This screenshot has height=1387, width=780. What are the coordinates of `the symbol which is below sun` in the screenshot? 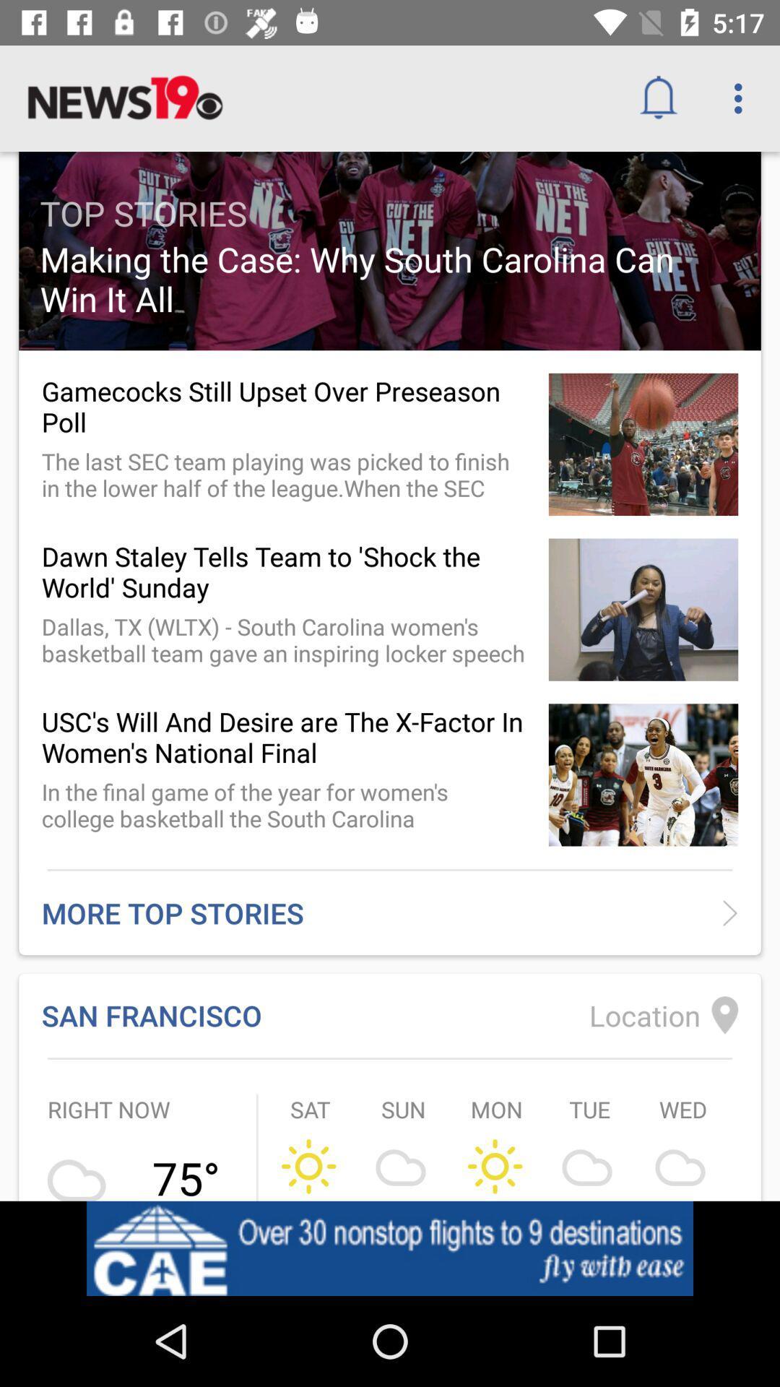 It's located at (404, 1165).